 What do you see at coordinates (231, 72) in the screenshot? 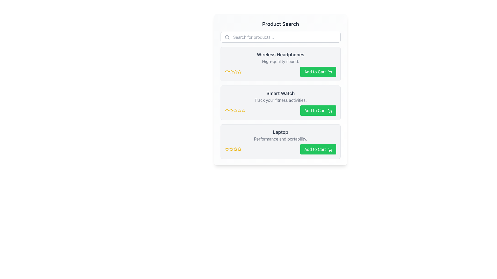
I see `the second star-shaped rating icon with a yellow color outline to rate the item` at bounding box center [231, 72].